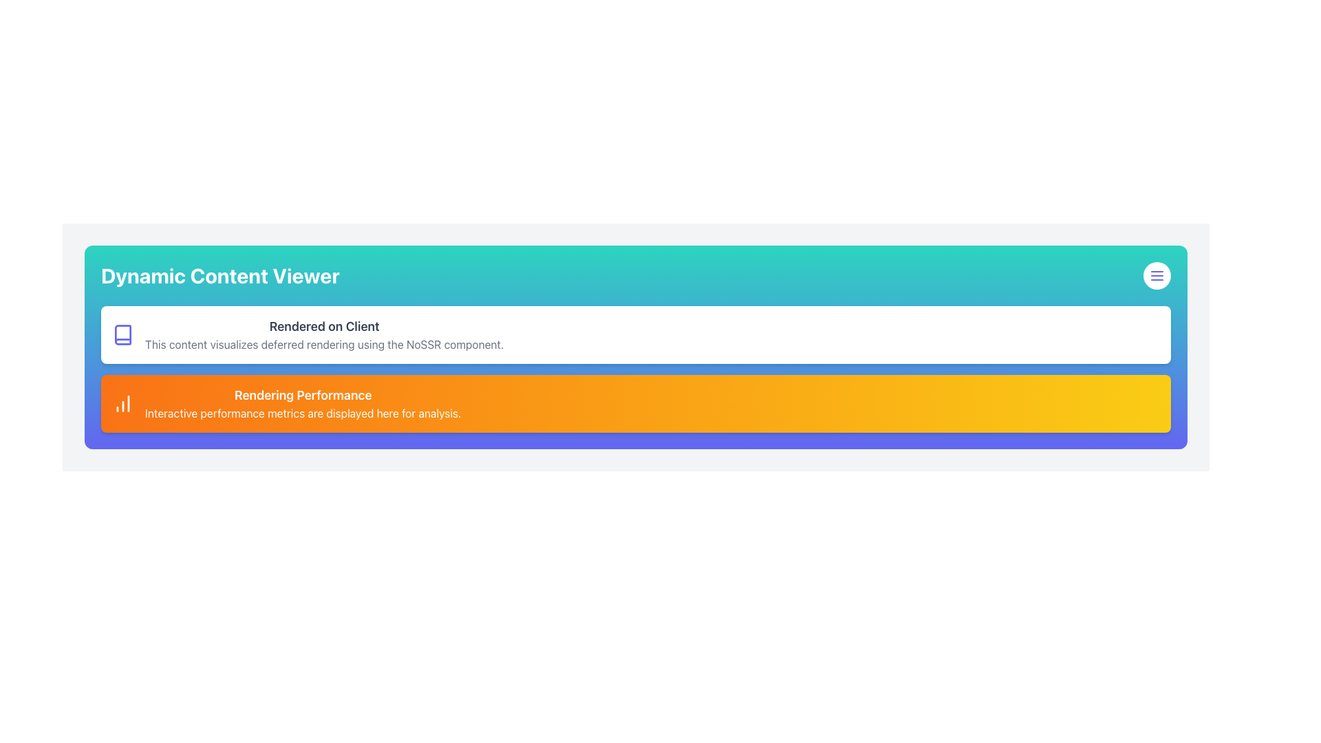 The image size is (1321, 743). What do you see at coordinates (302, 395) in the screenshot?
I see `the text header element labeled 'Rendering Performance', which is displayed in bold white font against an orange background, located towards the lower part of the interface` at bounding box center [302, 395].